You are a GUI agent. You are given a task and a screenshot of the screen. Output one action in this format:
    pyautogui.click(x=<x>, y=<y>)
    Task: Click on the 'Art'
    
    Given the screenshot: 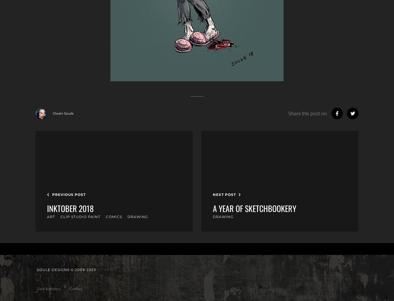 What is the action you would take?
    pyautogui.click(x=51, y=216)
    